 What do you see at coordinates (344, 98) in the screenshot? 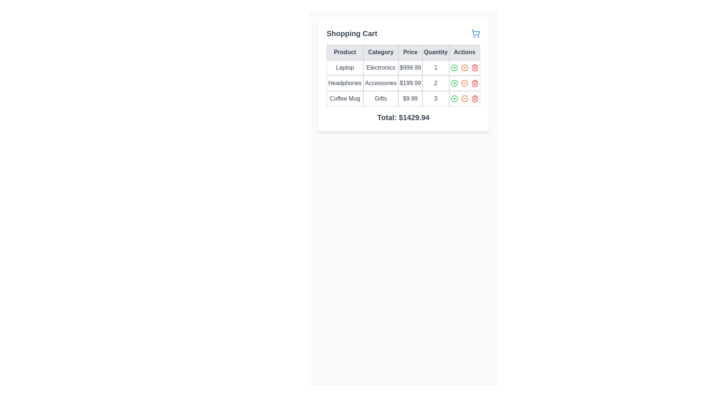
I see `the Static Text Label displaying 'Coffee Mug' in the first column of the third row in the shopping cart table` at bounding box center [344, 98].